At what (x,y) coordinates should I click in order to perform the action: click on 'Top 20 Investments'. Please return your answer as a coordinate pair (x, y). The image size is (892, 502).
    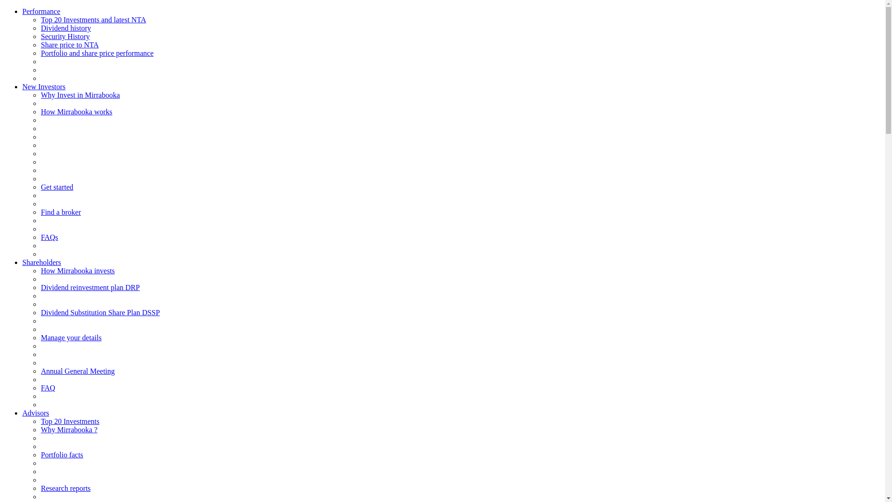
    Looking at the image, I should click on (40, 421).